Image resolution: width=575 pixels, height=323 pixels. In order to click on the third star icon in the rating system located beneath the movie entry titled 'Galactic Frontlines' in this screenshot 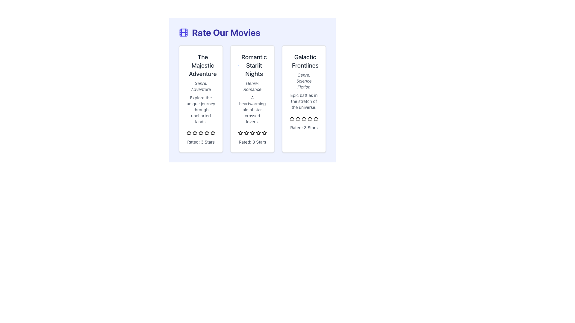, I will do `click(292, 118)`.